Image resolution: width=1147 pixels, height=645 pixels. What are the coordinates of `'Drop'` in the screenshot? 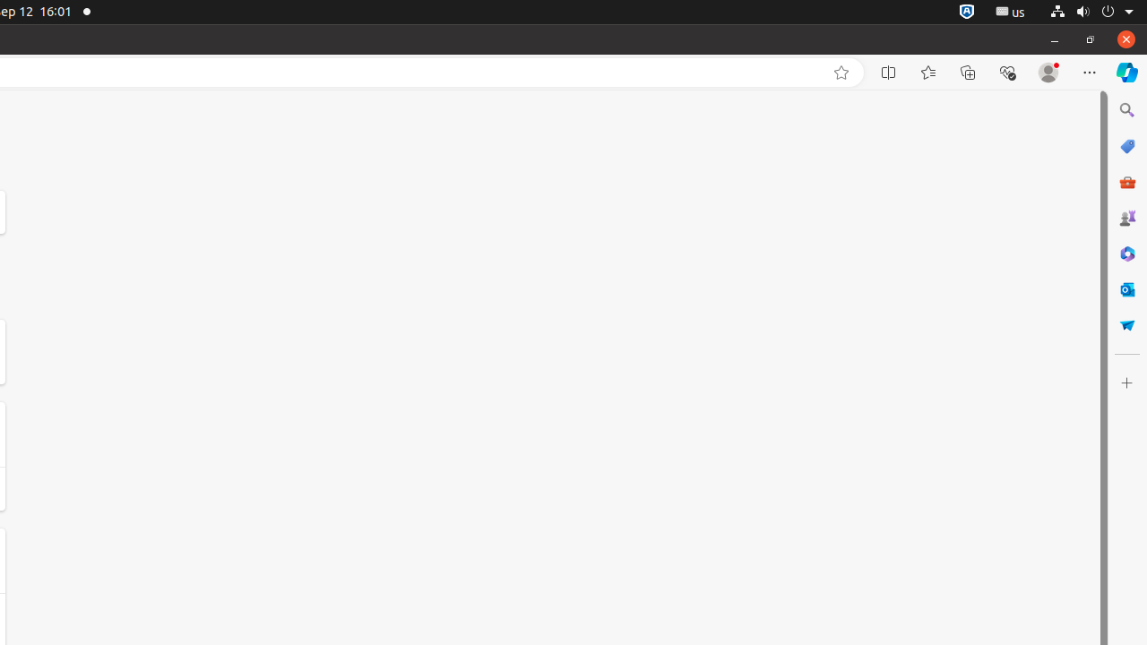 It's located at (1125, 325).